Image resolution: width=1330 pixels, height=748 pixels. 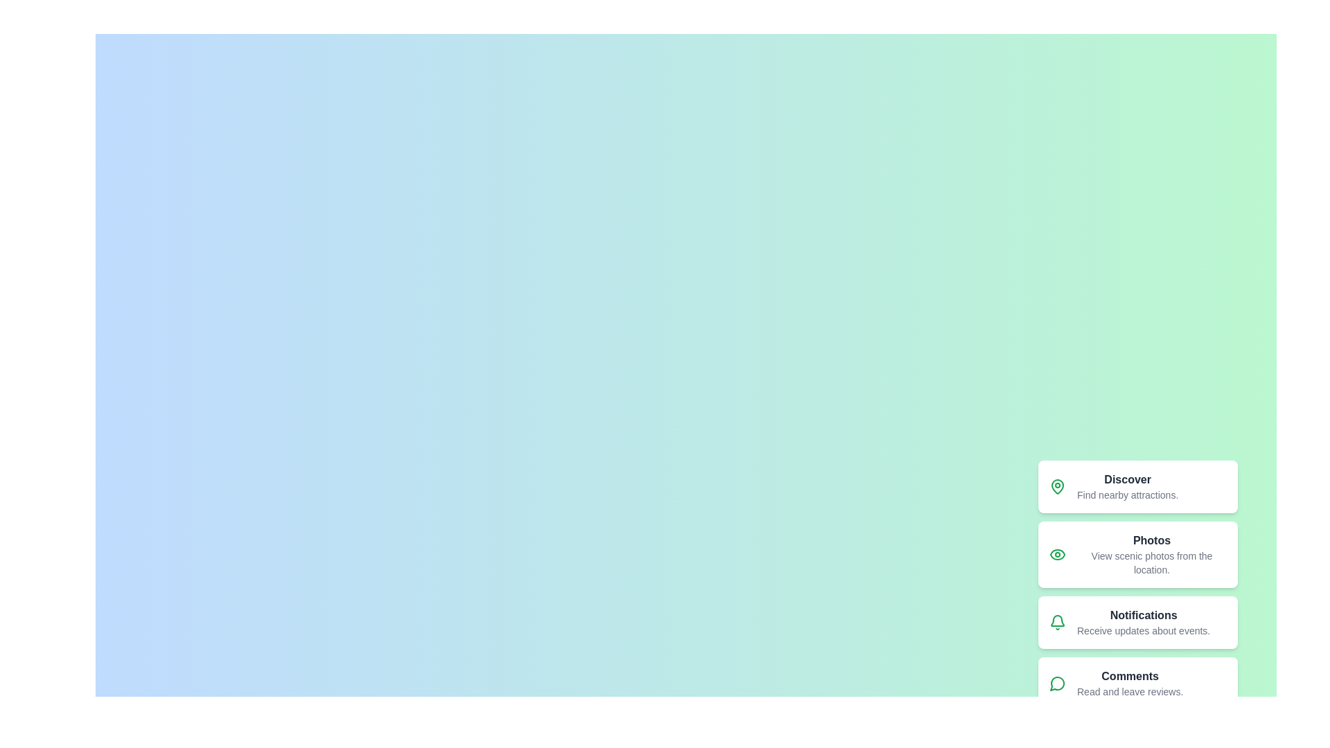 What do you see at coordinates (1137, 486) in the screenshot?
I see `the menu item labeled Discover from the speed dial menu` at bounding box center [1137, 486].